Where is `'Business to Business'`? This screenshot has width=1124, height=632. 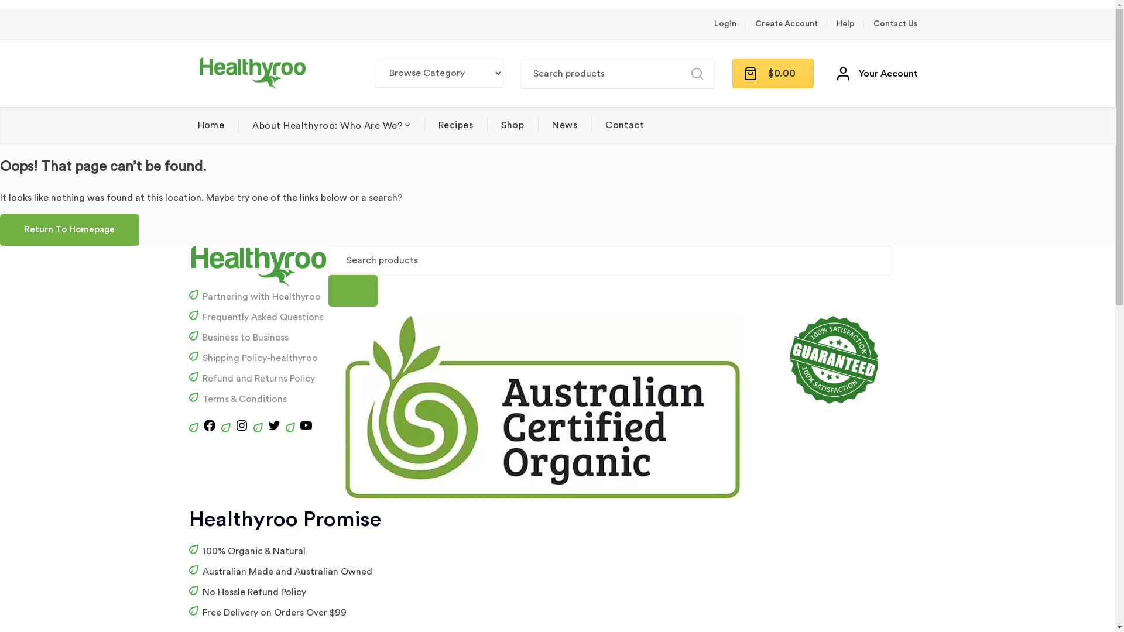 'Business to Business' is located at coordinates (202, 338).